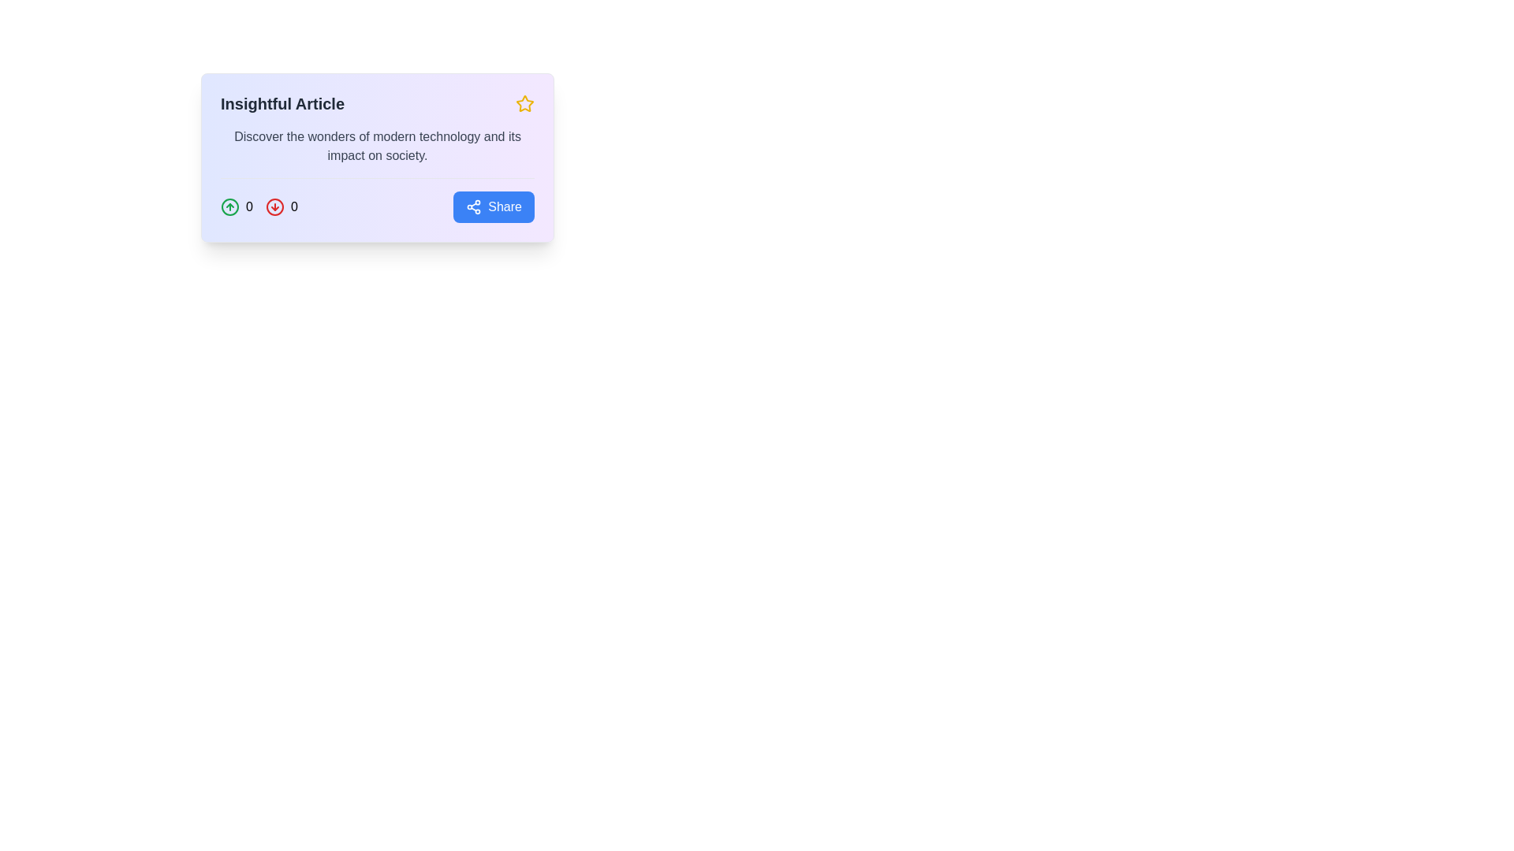 Image resolution: width=1514 pixels, height=851 pixels. I want to click on the sharing button located at the bottom right of the interface, positioned among other interactive components, so click(492, 206).